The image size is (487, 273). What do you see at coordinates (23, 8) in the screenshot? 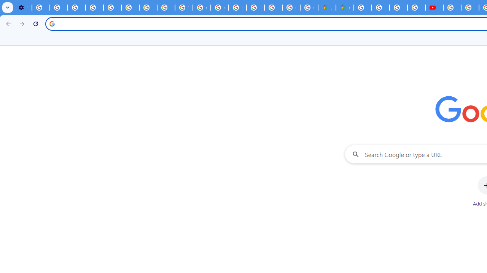
I see `'Settings - Customize profile'` at bounding box center [23, 8].